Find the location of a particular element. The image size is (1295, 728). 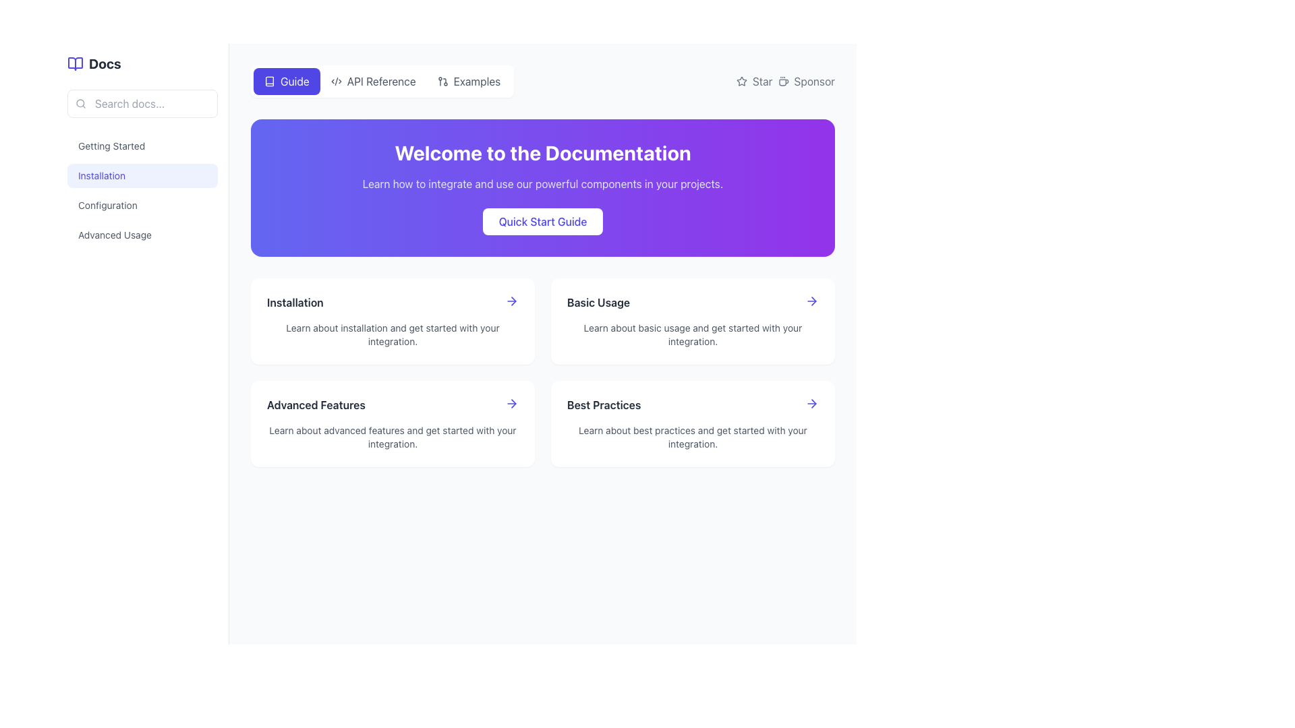

the visual indicator icon located in the middle right of the 'Advanced Features' card for contextual meaning is located at coordinates (513, 402).